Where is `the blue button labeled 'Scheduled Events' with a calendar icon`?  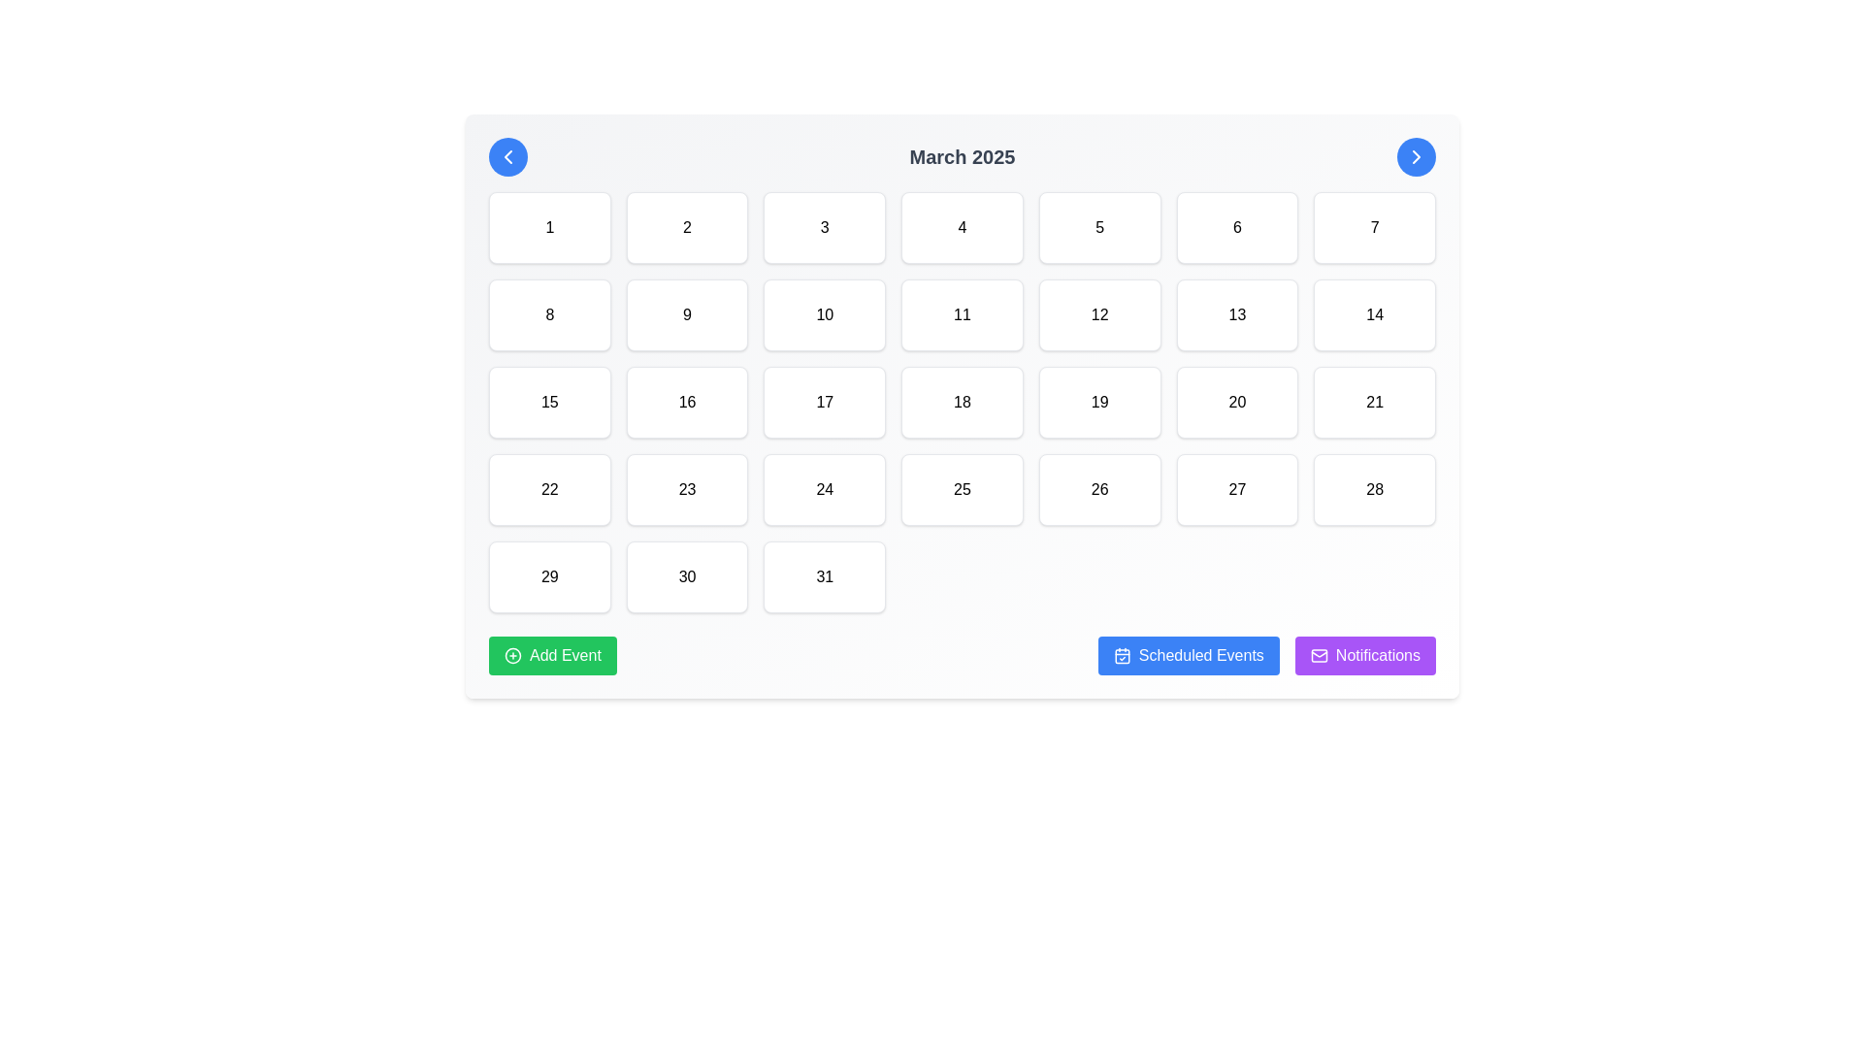 the blue button labeled 'Scheduled Events' with a calendar icon is located at coordinates (1187, 655).